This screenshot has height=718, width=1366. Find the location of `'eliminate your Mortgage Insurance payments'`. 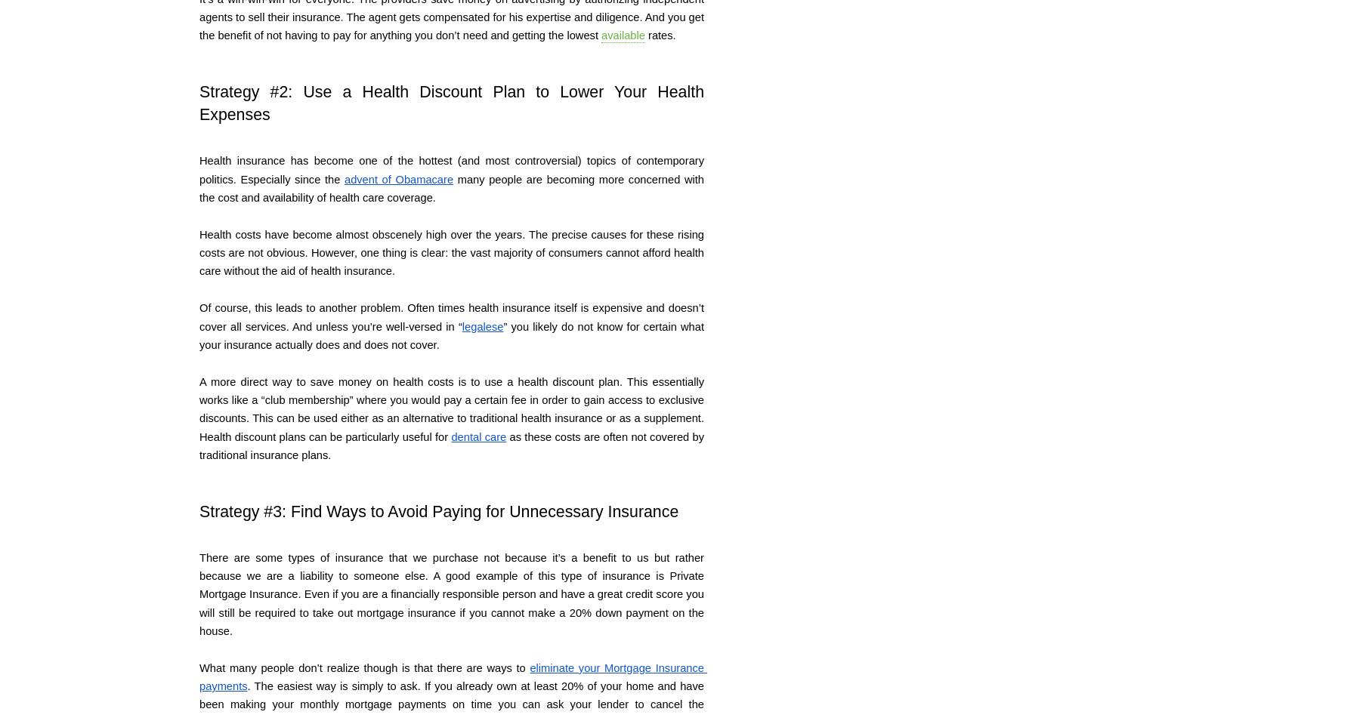

'eliminate your Mortgage Insurance payments' is located at coordinates (453, 676).